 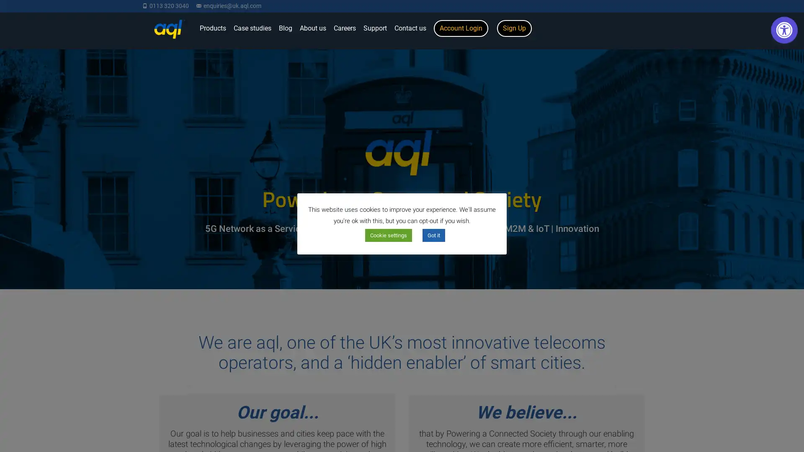 I want to click on Cookie settings, so click(x=388, y=235).